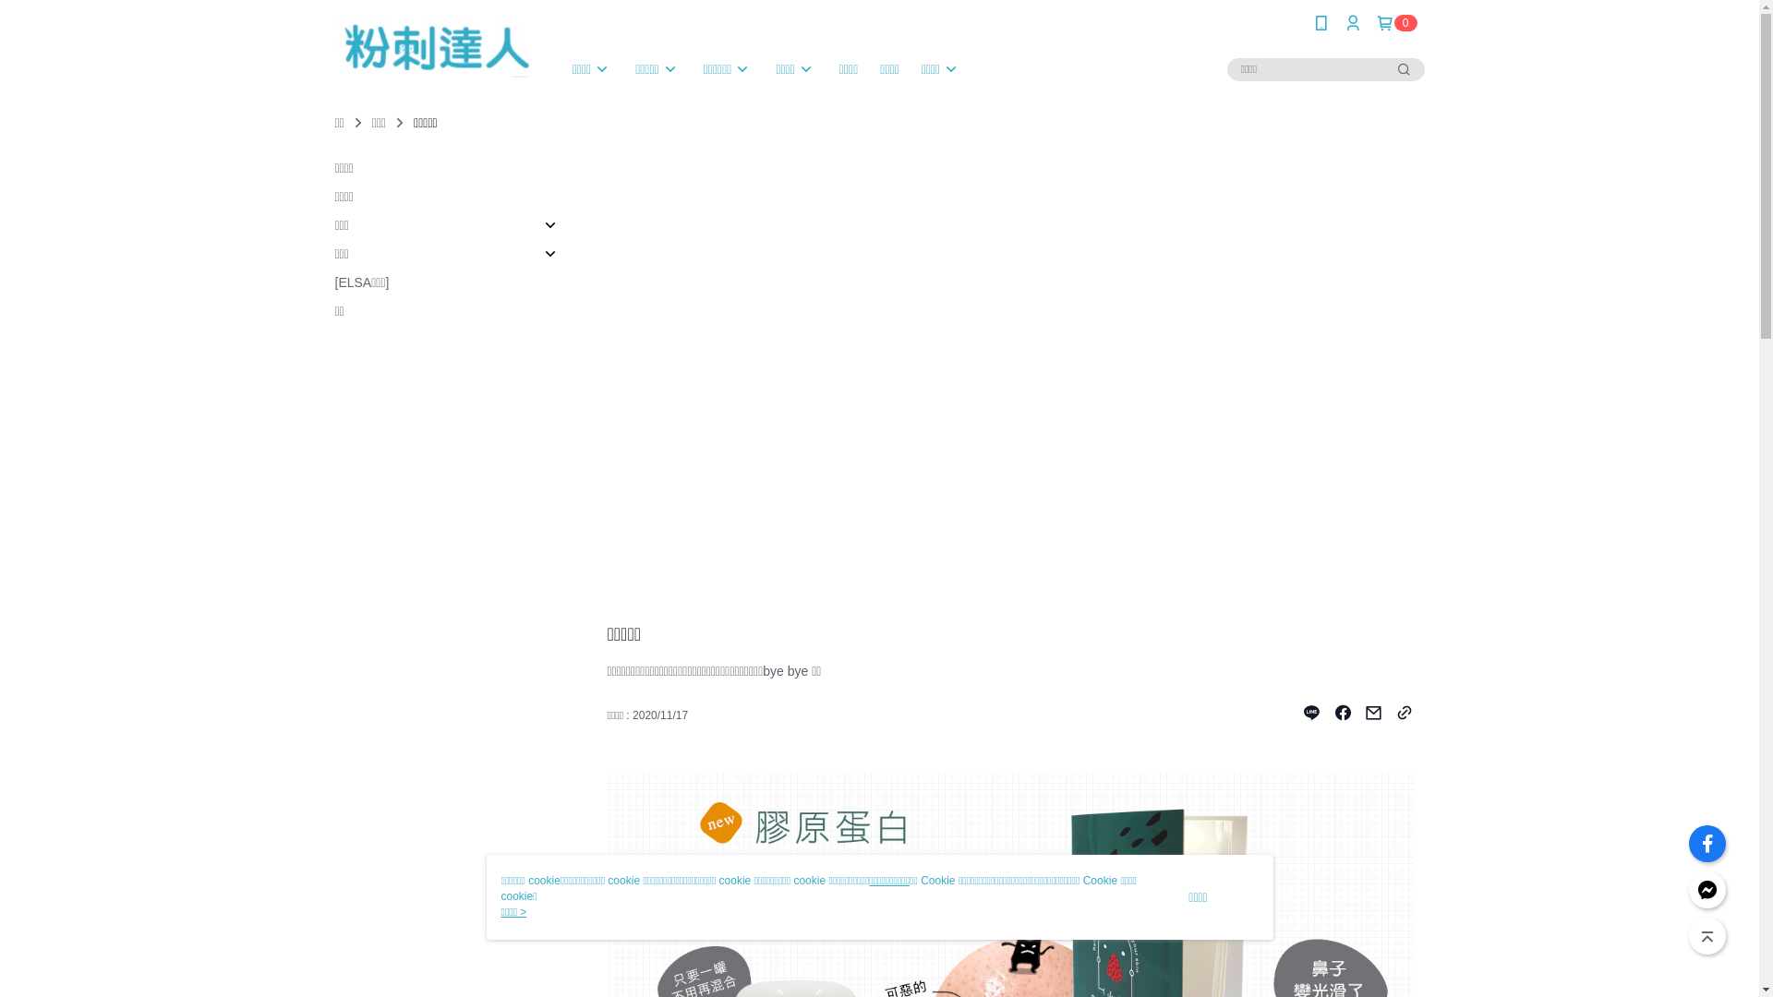 The image size is (1773, 997). What do you see at coordinates (1396, 22) in the screenshot?
I see `'0'` at bounding box center [1396, 22].